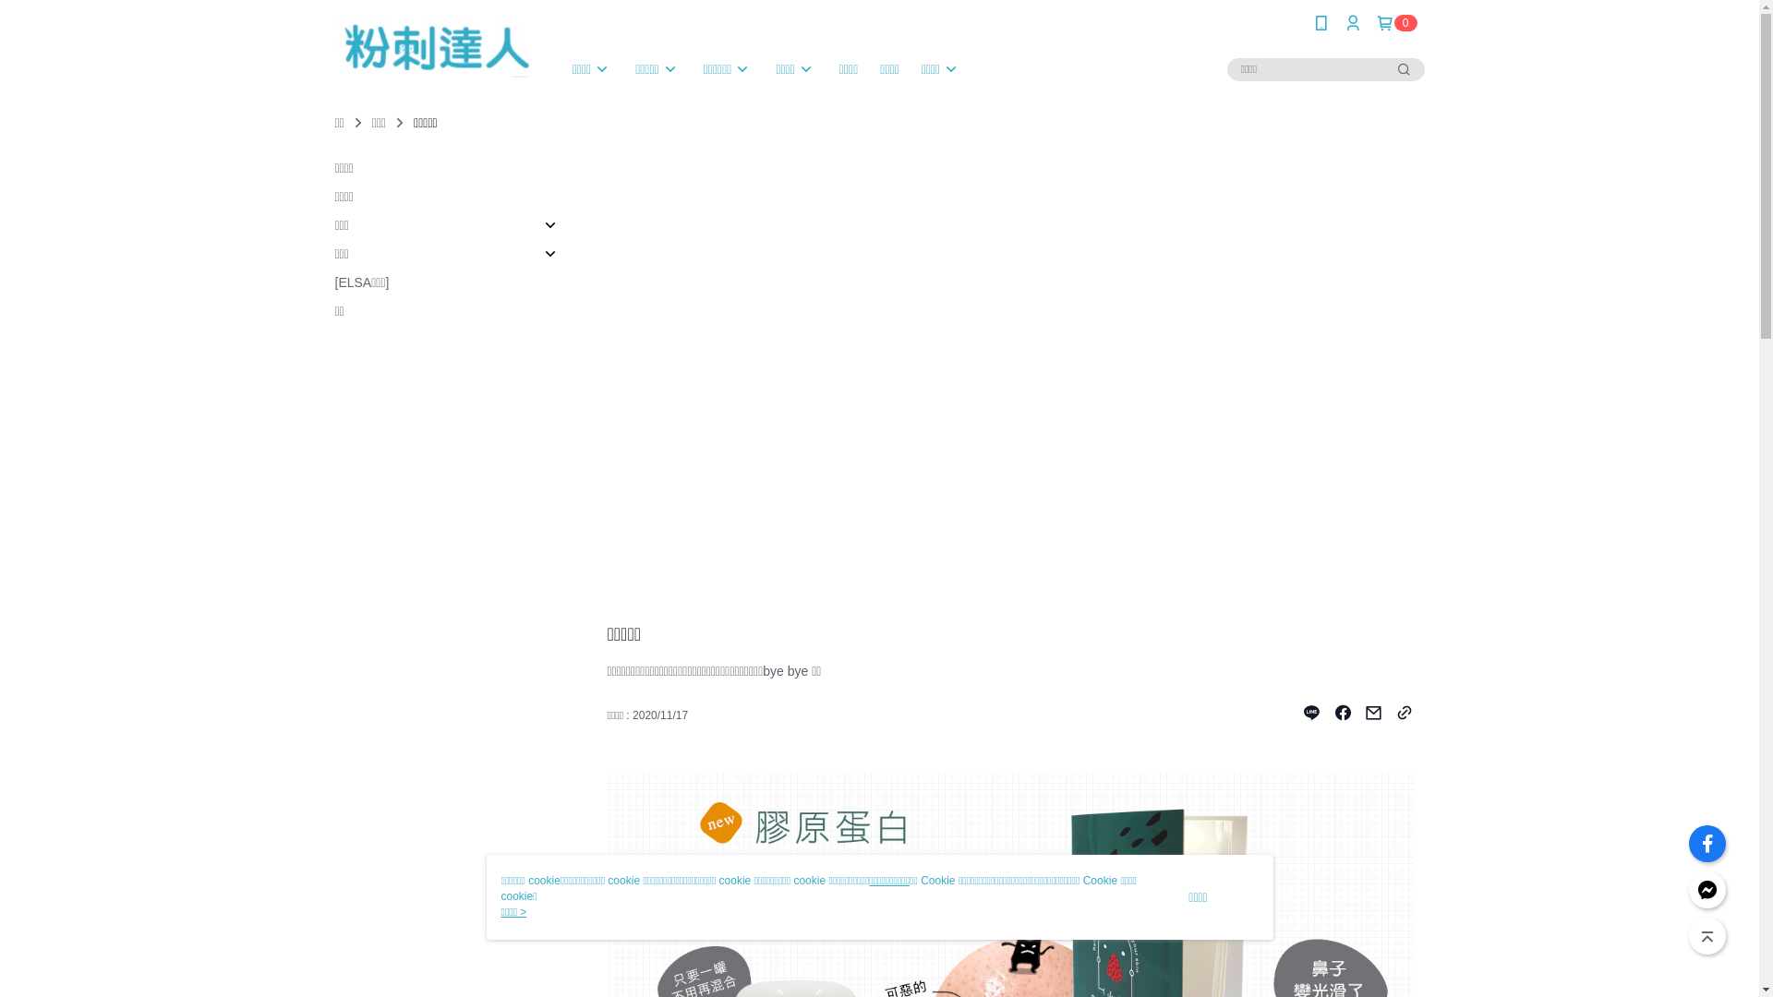 The image size is (1773, 997). What do you see at coordinates (1396, 22) in the screenshot?
I see `'0'` at bounding box center [1396, 22].